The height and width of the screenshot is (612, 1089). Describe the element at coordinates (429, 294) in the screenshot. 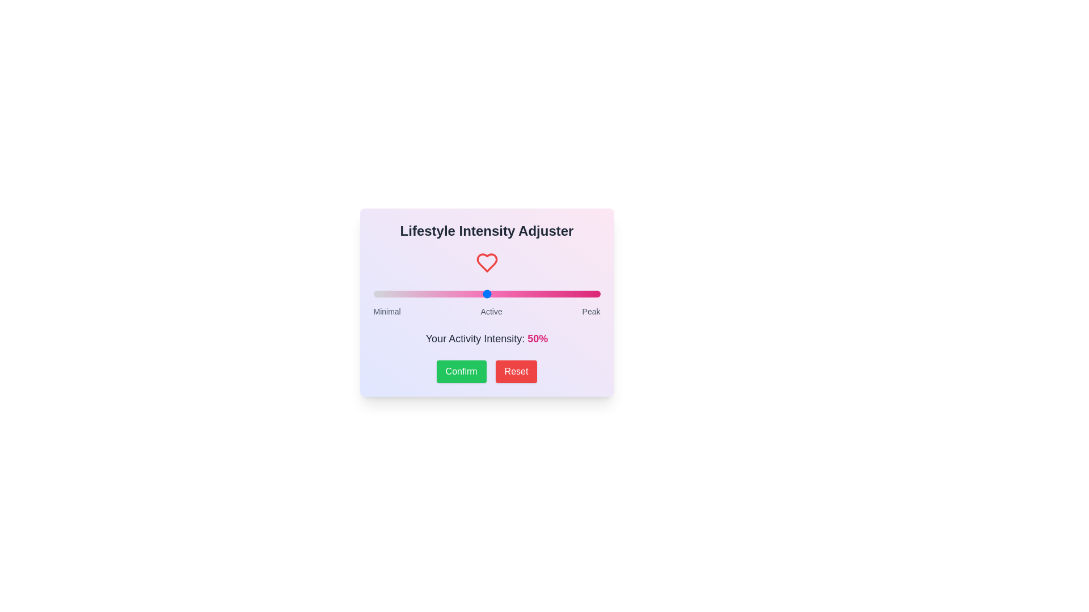

I see `the slider to set the intensity to 25%` at that location.